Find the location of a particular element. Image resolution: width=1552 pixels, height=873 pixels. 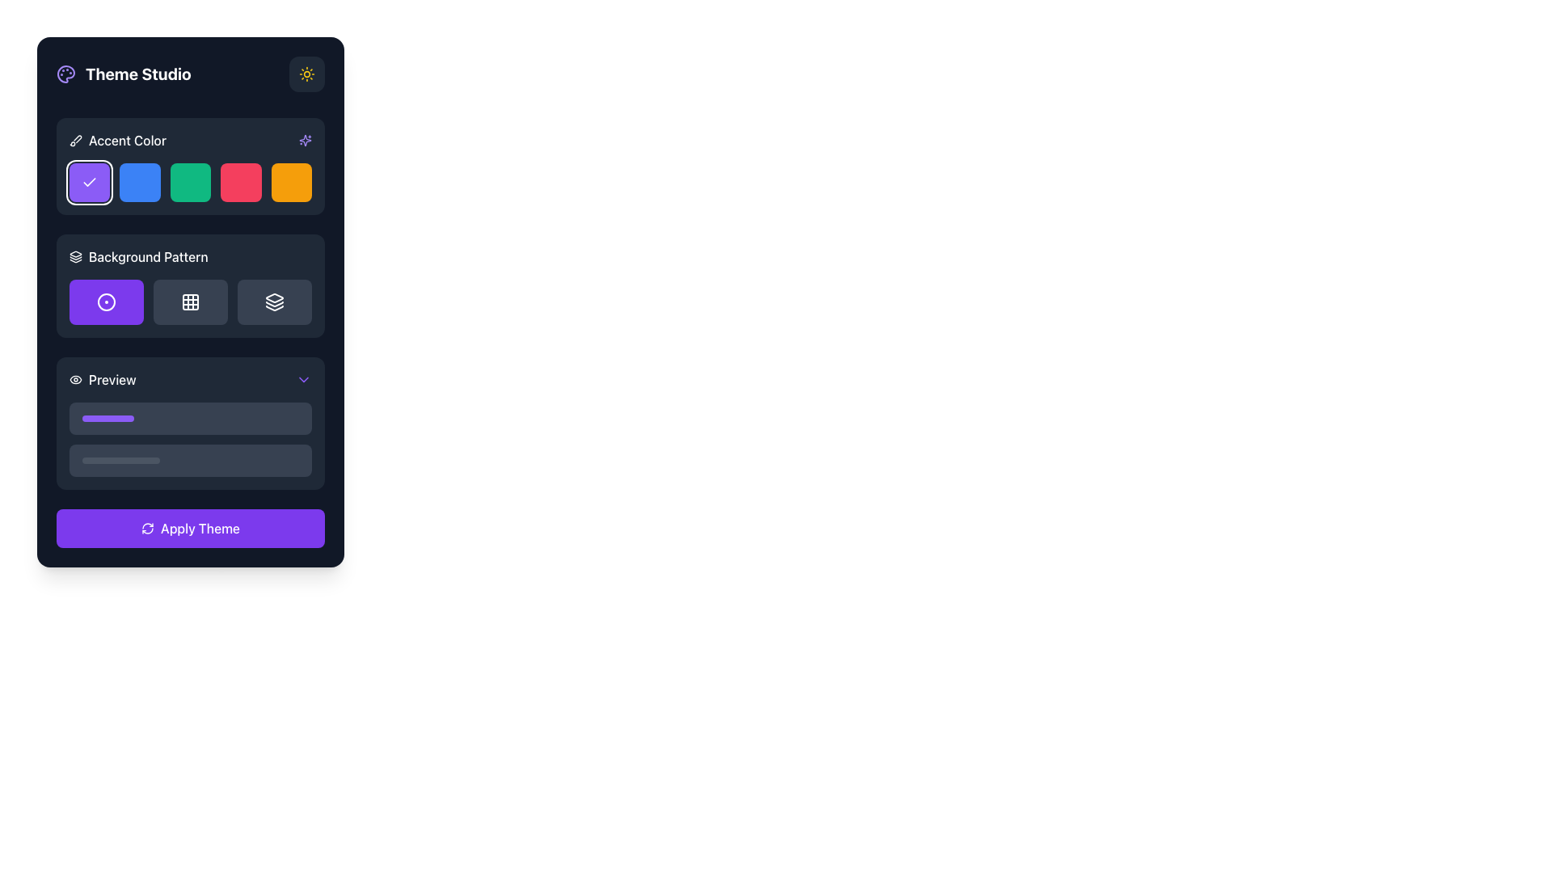

label 'Background Pattern' which is styled in white text on a dark background, positioned in the left-side panel under the 'Accent Color' section is located at coordinates (190, 255).